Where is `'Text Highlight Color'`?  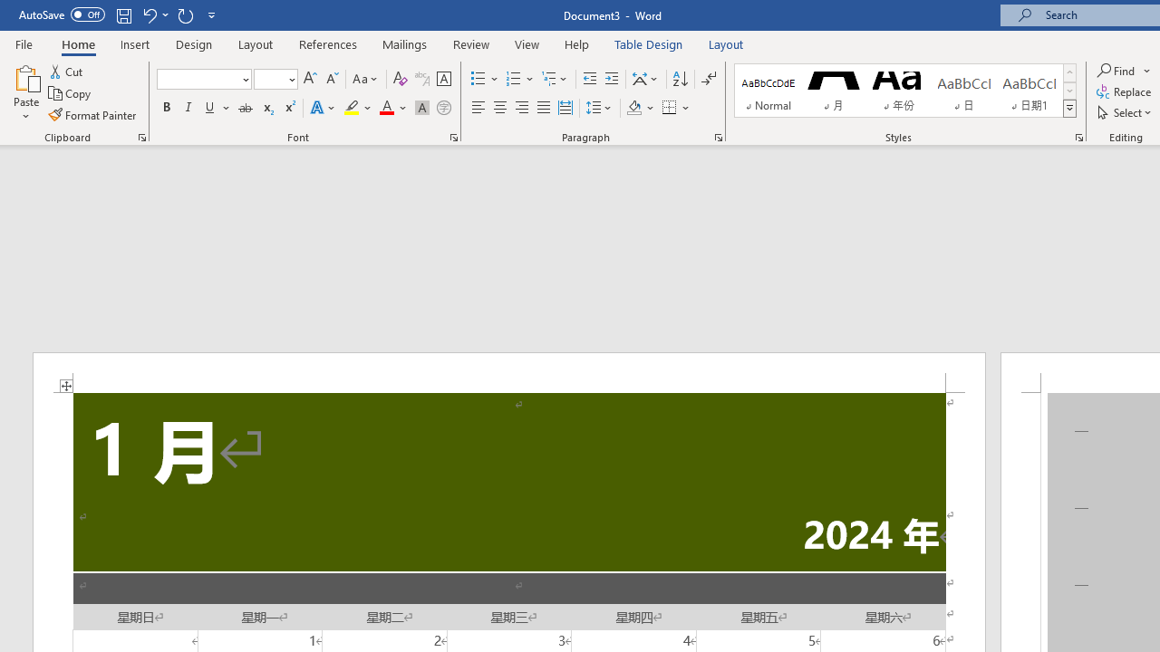 'Text Highlight Color' is located at coordinates (358, 108).